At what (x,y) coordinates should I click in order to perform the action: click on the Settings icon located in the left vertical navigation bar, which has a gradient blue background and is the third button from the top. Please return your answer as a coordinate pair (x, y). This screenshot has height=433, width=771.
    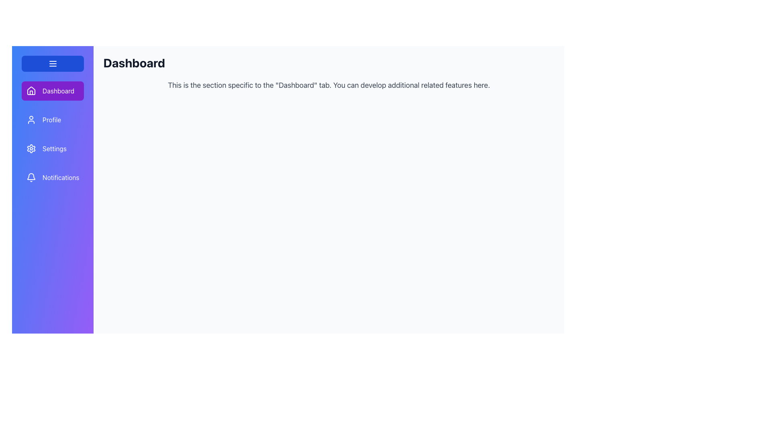
    Looking at the image, I should click on (31, 148).